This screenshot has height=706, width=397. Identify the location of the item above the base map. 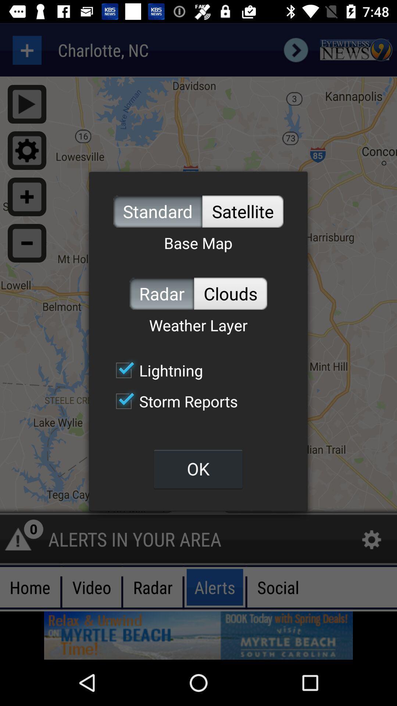
(243, 211).